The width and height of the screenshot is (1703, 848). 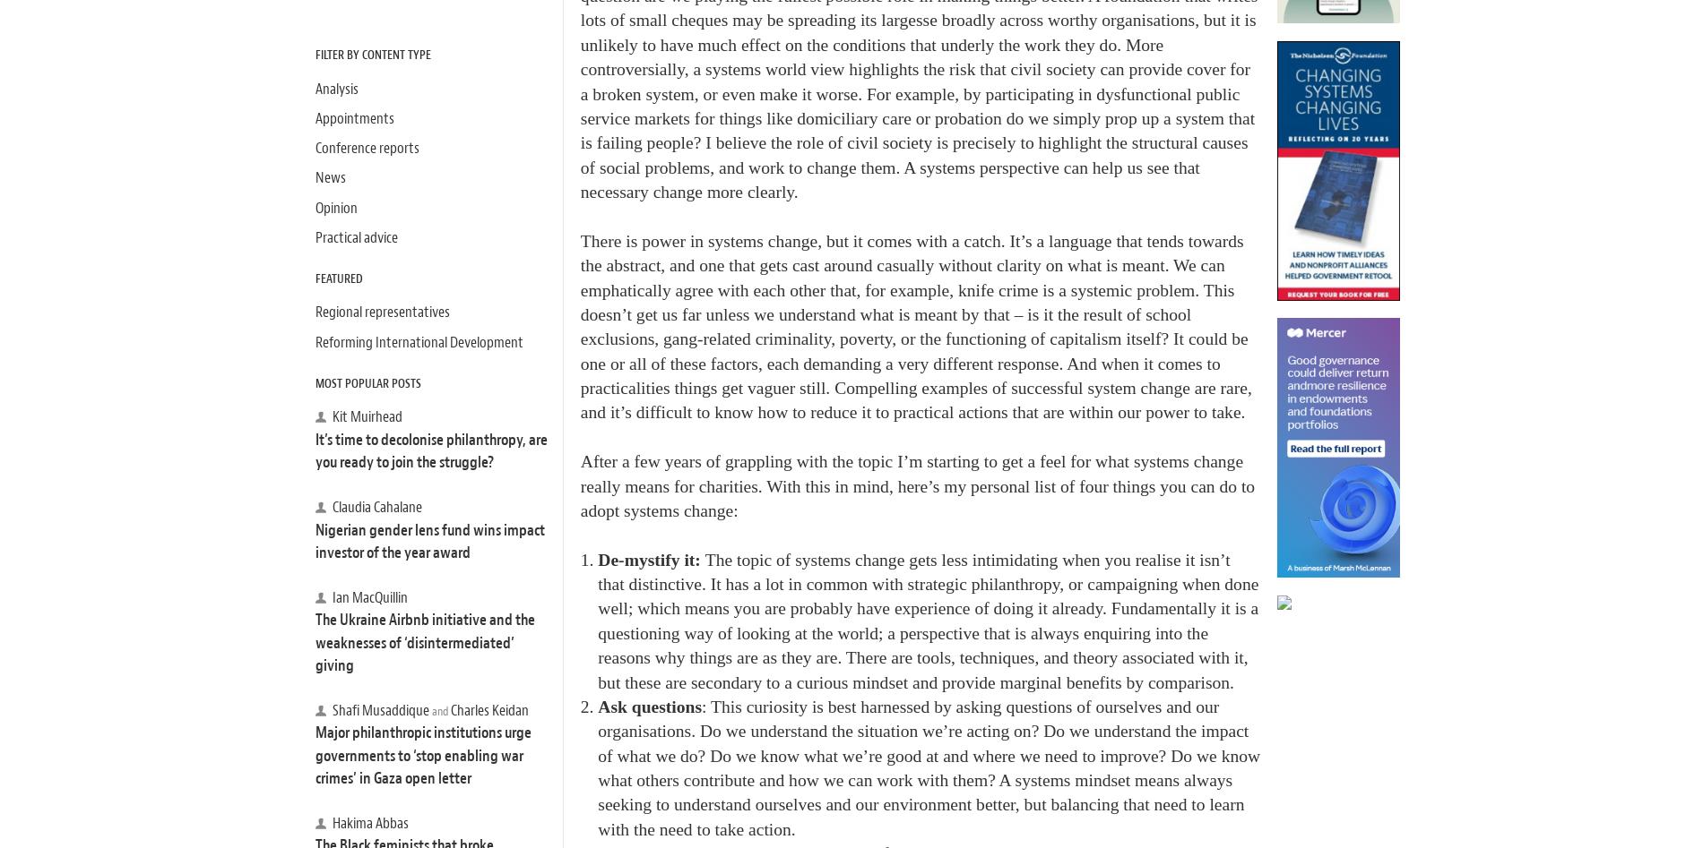 I want to click on 'Filter by Content Type', so click(x=372, y=54).